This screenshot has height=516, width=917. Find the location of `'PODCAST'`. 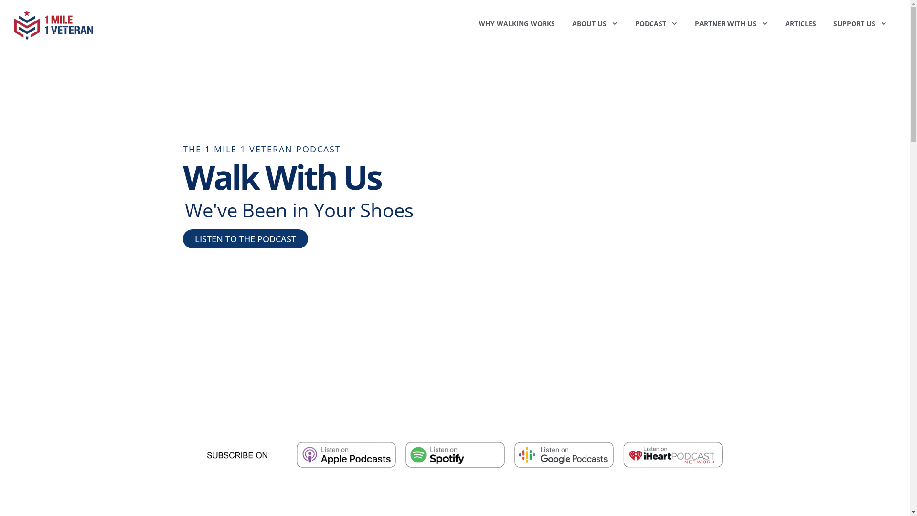

'PODCAST' is located at coordinates (656, 23).